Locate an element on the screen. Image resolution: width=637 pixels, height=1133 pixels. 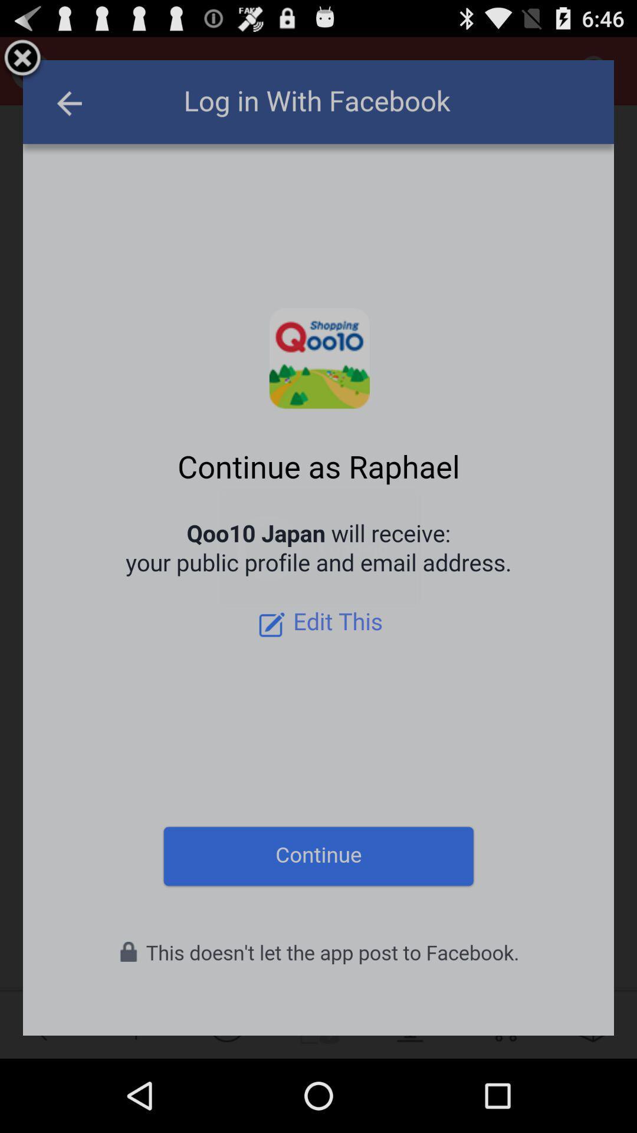
the close icon is located at coordinates (22, 63).